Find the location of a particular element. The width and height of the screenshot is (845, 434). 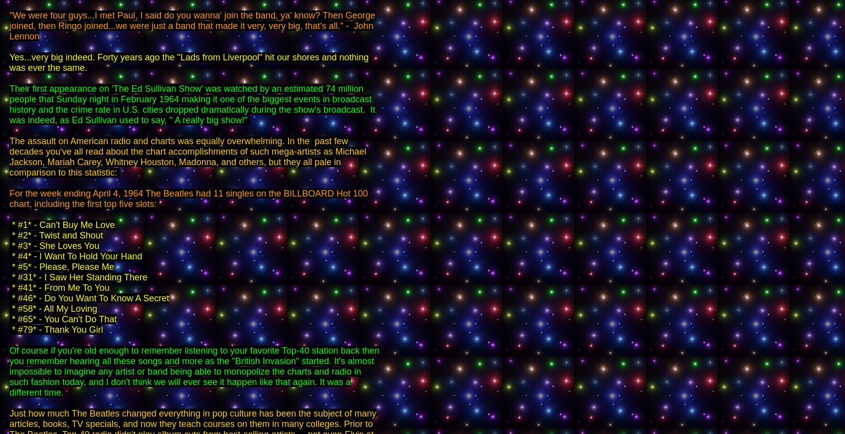

'"We were four guys...I met Paul, I said do you wanna' join the band, ya' know? Then George joined,
                           then Ringo joined...we were just a band that made it very, very big, that's all." -  John Lennon' is located at coordinates (191, 25).